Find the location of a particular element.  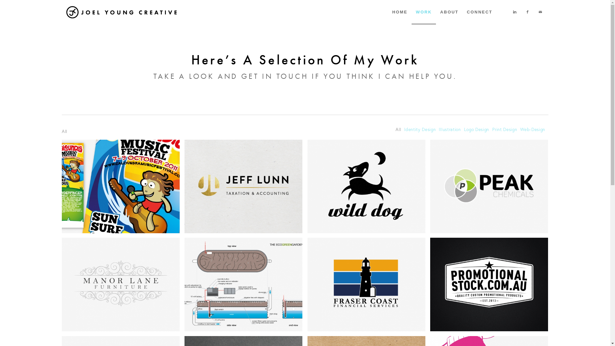

'CONNECT' is located at coordinates (480, 12).